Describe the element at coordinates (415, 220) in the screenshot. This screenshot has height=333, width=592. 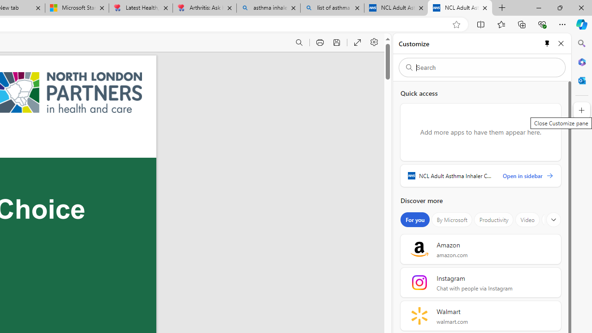
I see `'For you'` at that location.